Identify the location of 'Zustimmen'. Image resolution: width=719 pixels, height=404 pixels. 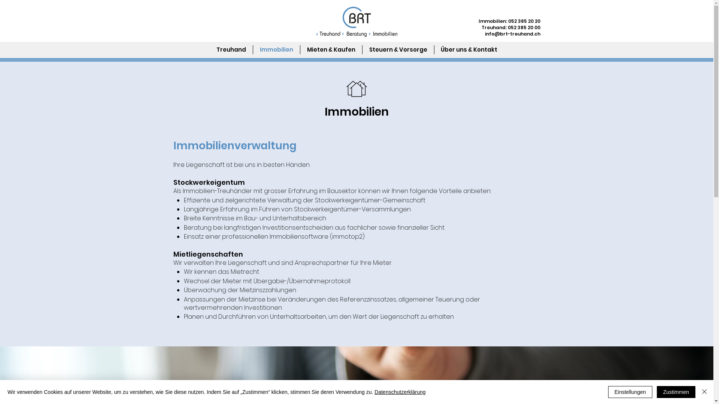
(676, 392).